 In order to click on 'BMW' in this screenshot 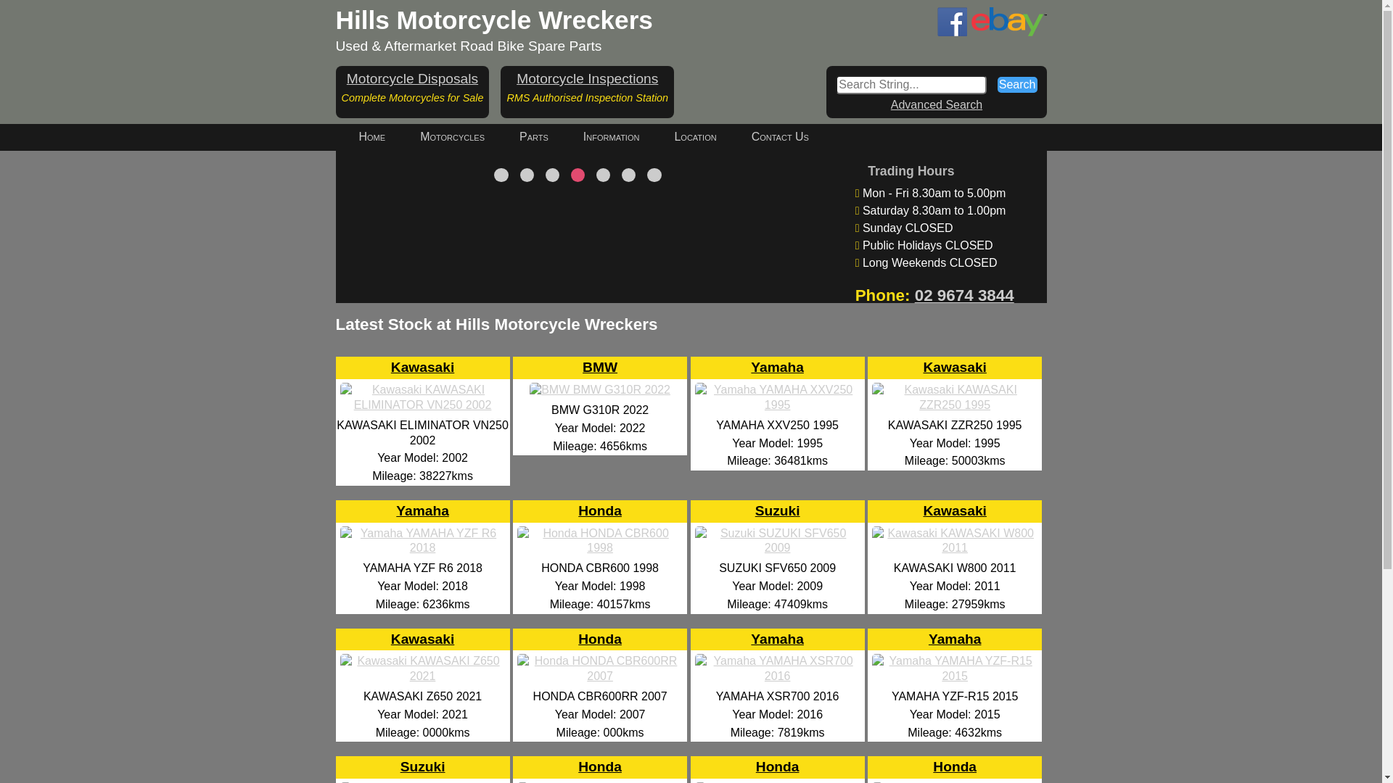, I will do `click(582, 391)`.